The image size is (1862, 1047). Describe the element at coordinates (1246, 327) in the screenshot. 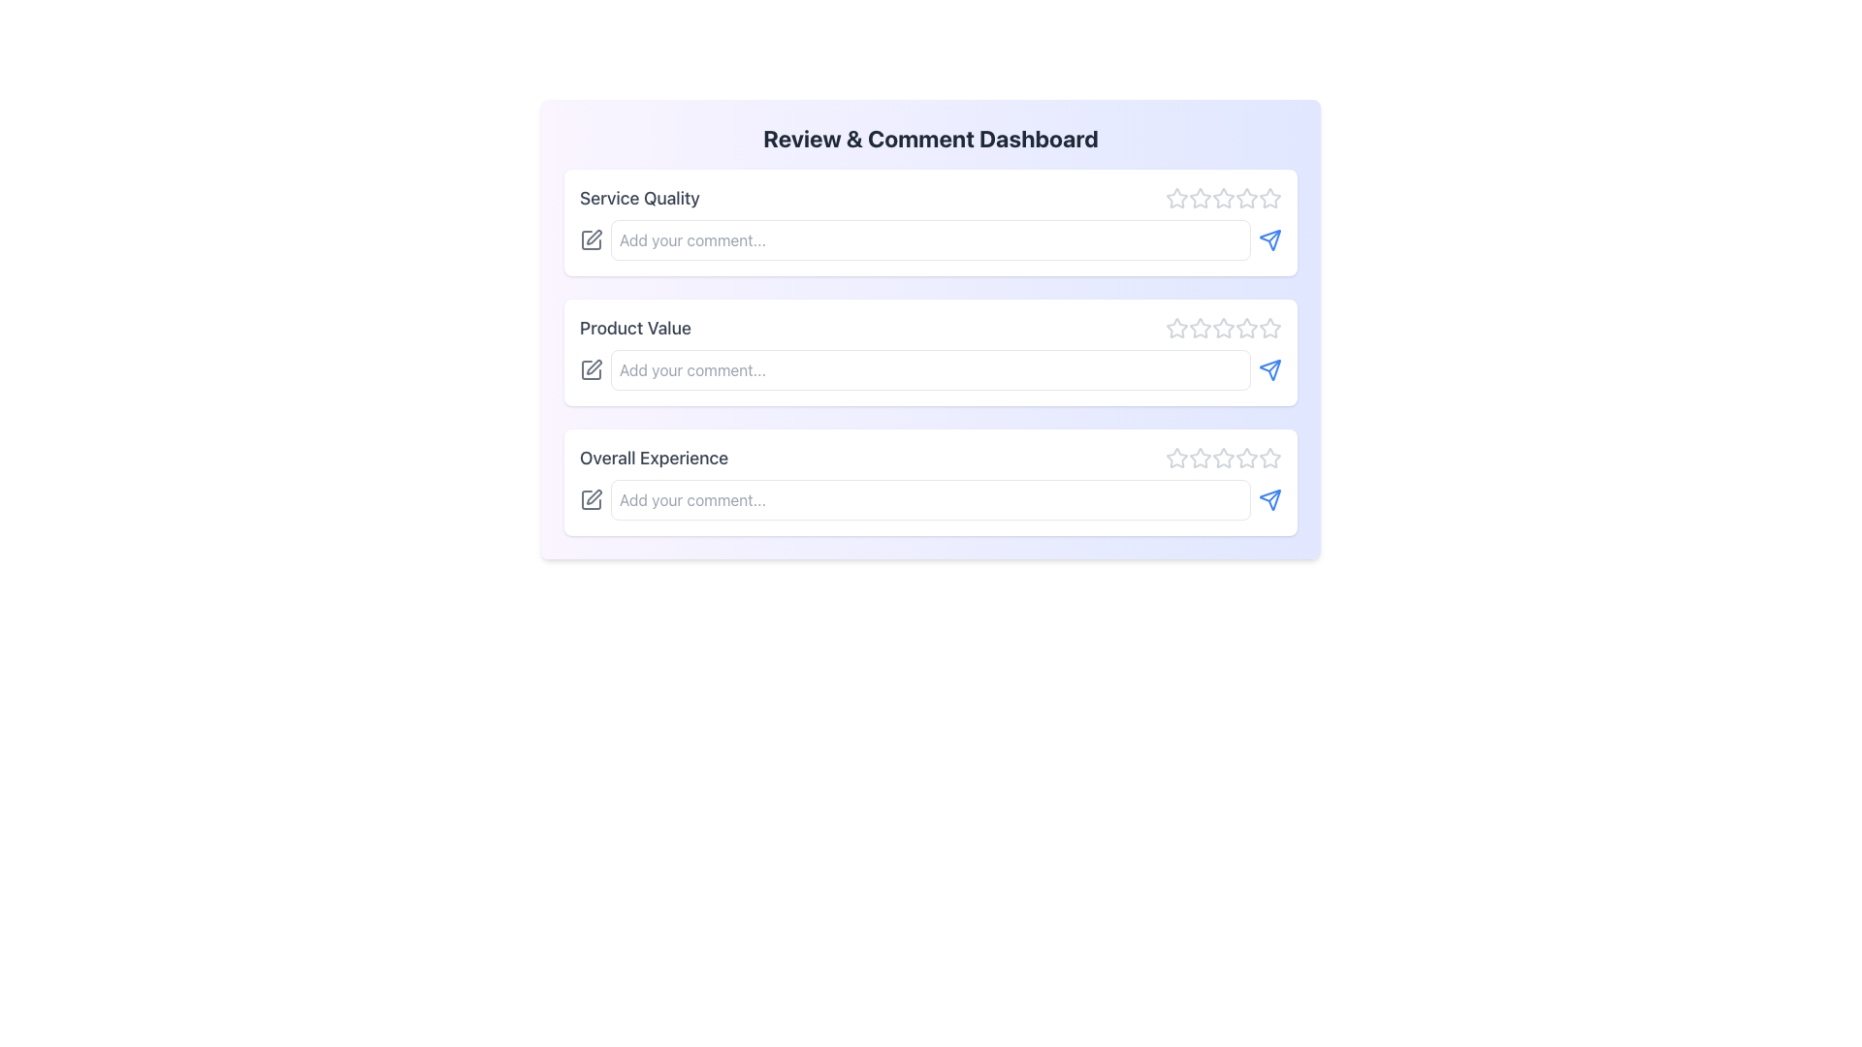

I see `the fourth star in the 'Product Value' section to rate the product value` at that location.